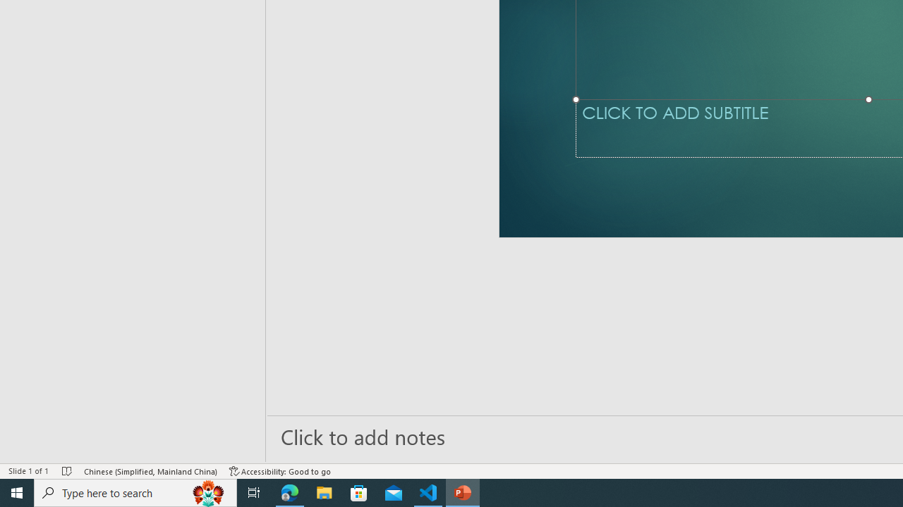 The image size is (903, 507). Describe the element at coordinates (280, 471) in the screenshot. I see `'Accessibility Checker Accessibility: Good to go'` at that location.